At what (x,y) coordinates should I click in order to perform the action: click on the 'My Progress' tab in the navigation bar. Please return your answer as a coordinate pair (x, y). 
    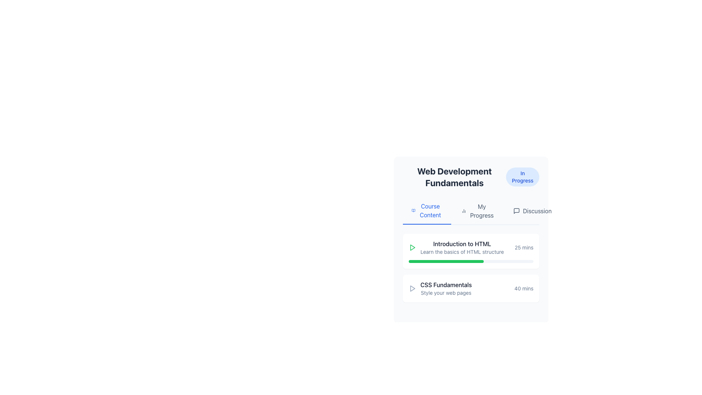
    Looking at the image, I should click on (478, 211).